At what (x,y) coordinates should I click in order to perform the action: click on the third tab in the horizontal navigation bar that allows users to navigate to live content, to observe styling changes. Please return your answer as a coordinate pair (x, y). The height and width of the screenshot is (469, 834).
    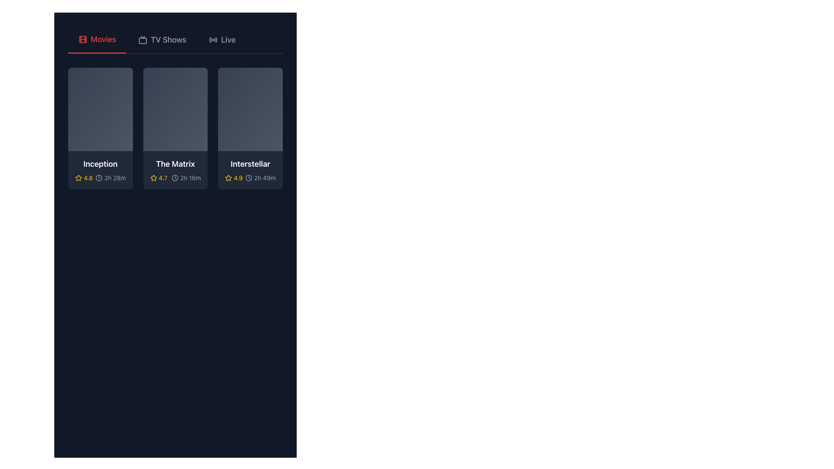
    Looking at the image, I should click on (222, 40).